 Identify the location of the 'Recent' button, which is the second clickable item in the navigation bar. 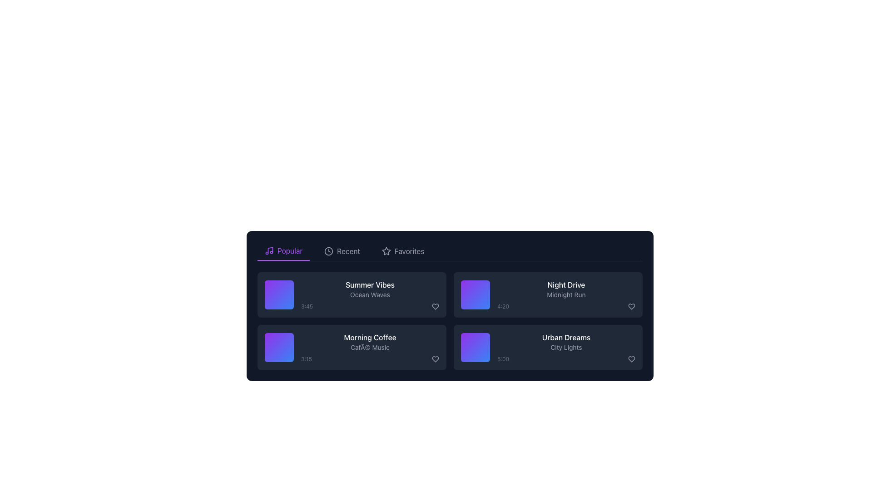
(342, 251).